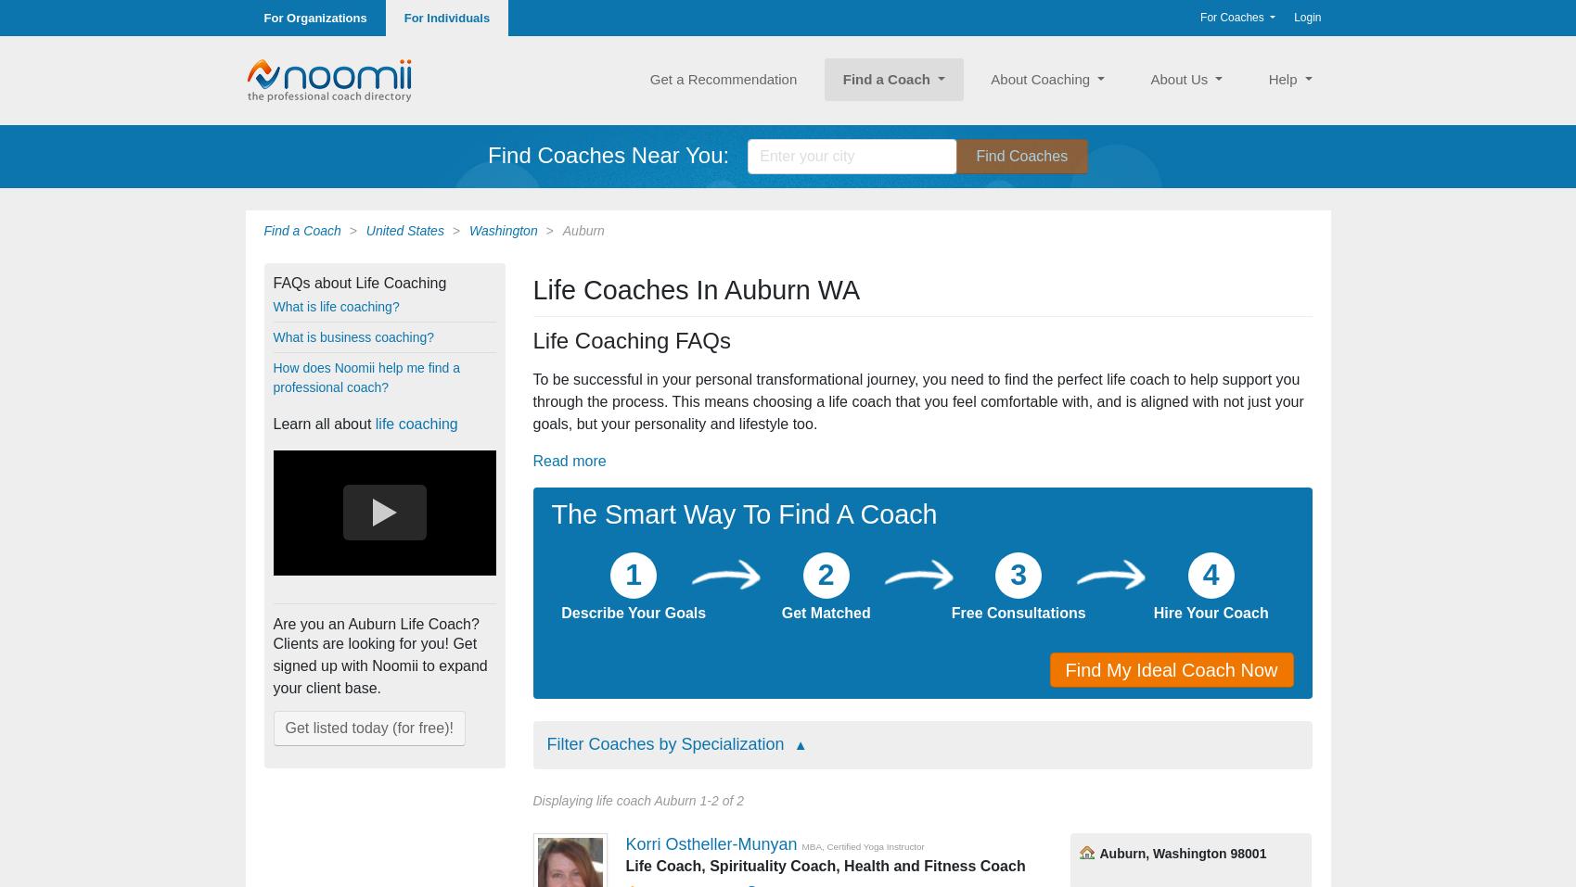 The image size is (1576, 887). I want to click on 'With a heart filled with love, I am dedicated to your spiritual, personal and business aspirations. I have been serving congregations of Spiritual Humanism and Christianity since 2008.', so click(820, 436).